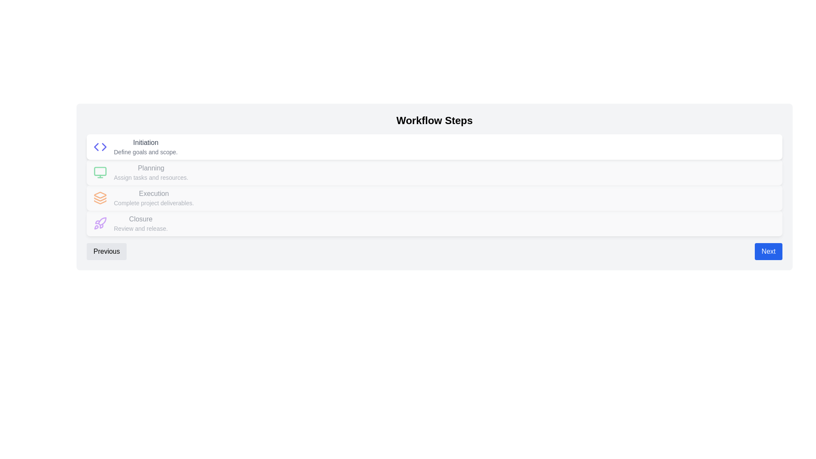 The height and width of the screenshot is (459, 816). Describe the element at coordinates (434, 223) in the screenshot. I see `the 'Closure' phase informational pane` at that location.